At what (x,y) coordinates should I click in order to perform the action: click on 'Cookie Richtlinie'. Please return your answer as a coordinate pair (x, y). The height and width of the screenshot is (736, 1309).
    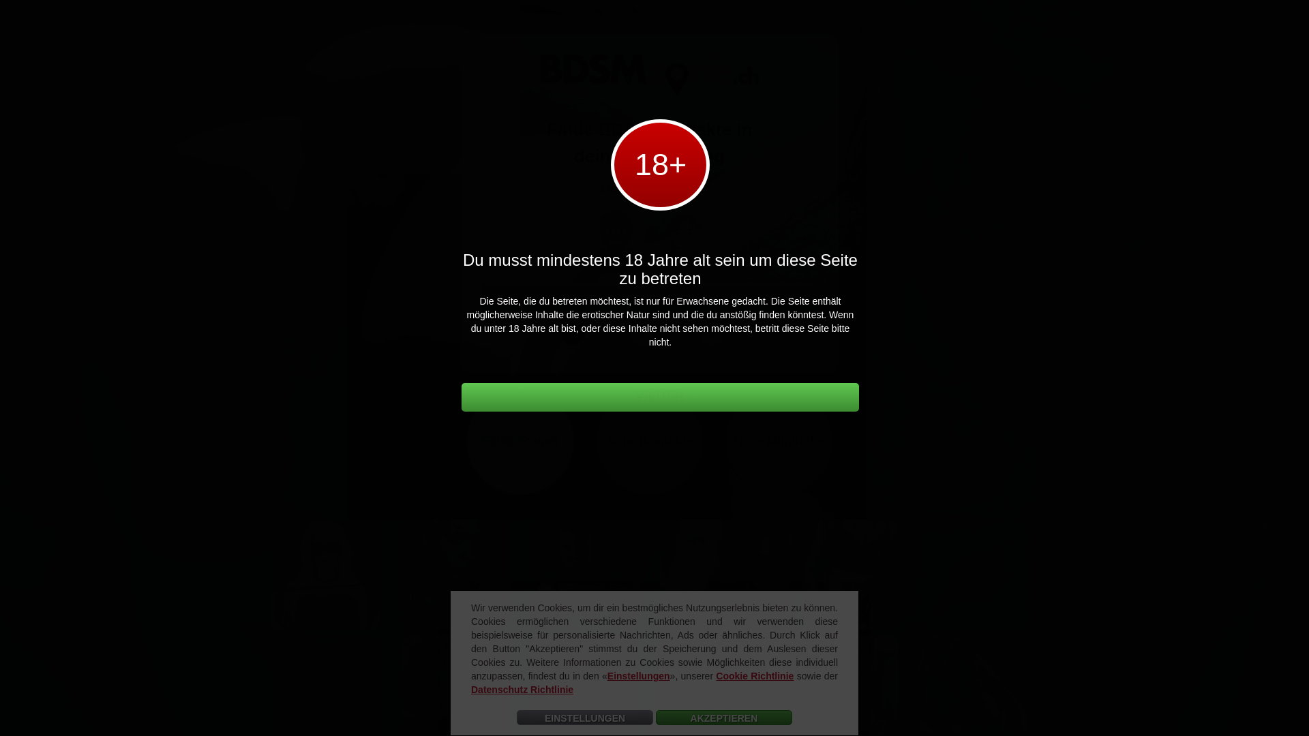
    Looking at the image, I should click on (754, 675).